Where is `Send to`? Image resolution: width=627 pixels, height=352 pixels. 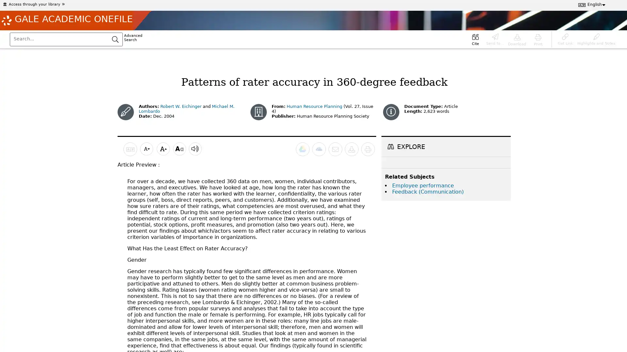 Send to is located at coordinates (495, 38).